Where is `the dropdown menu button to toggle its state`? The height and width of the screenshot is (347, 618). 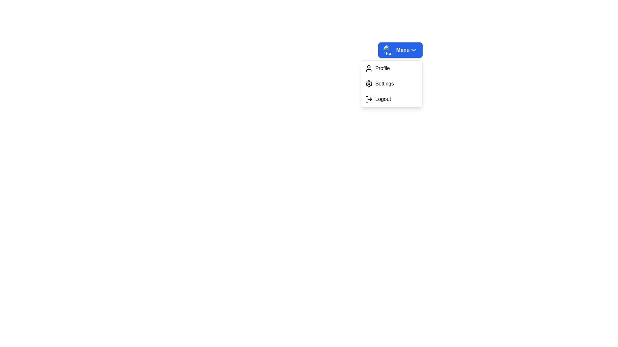
the dropdown menu button to toggle its state is located at coordinates (400, 49).